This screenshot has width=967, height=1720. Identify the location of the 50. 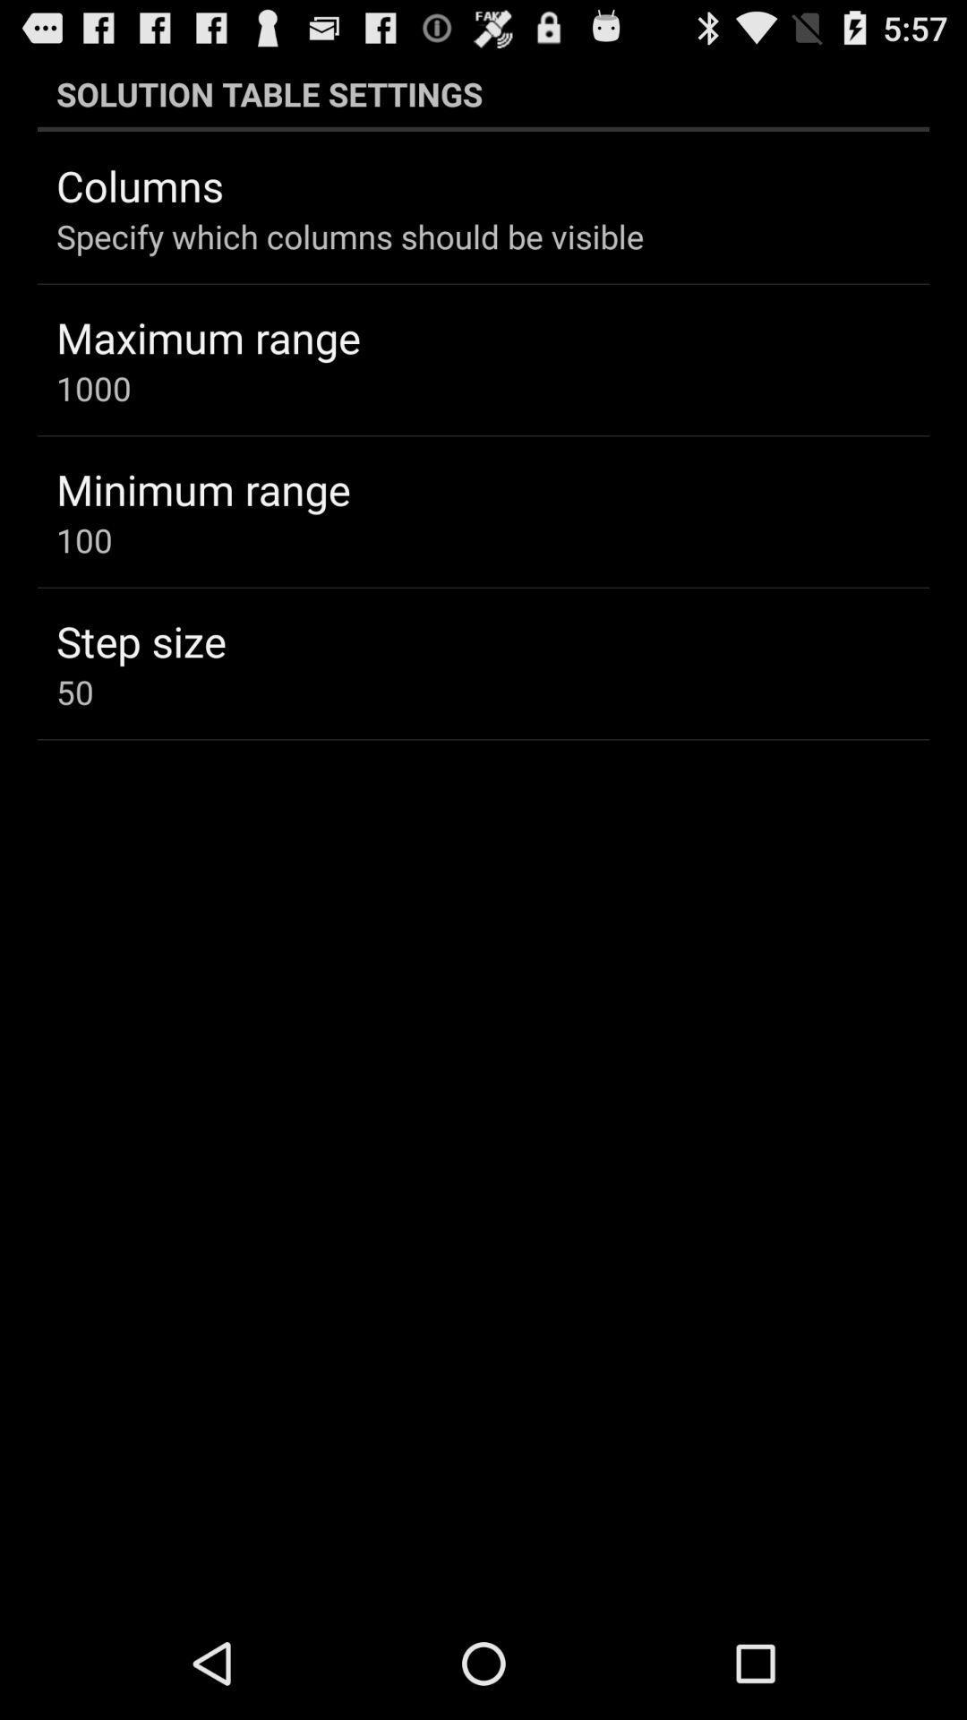
(74, 691).